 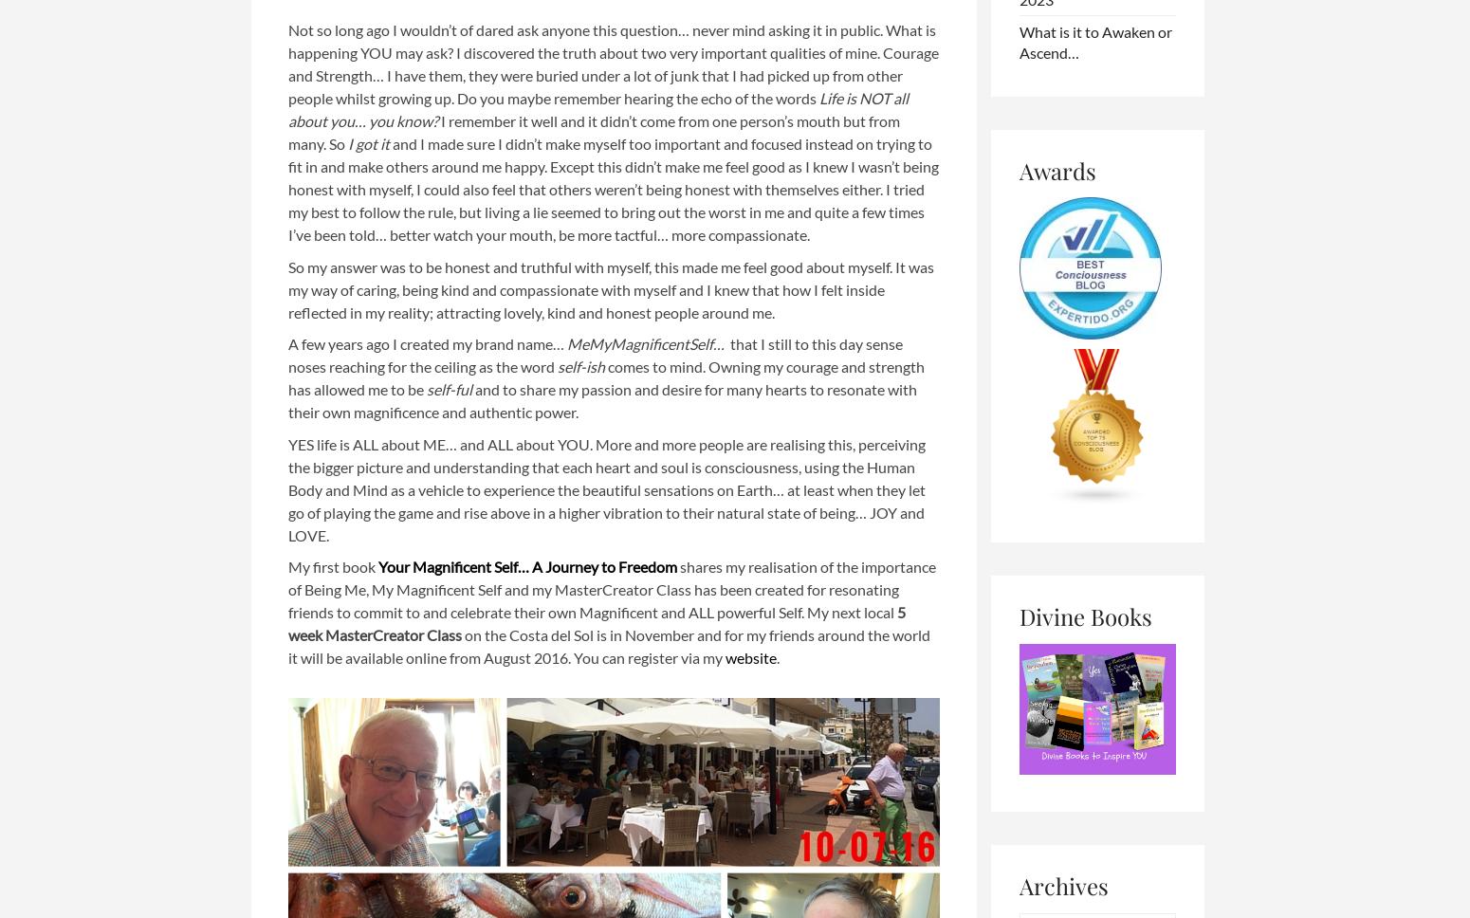 I want to click on '5 week MasterCreator Class', so click(x=596, y=623).